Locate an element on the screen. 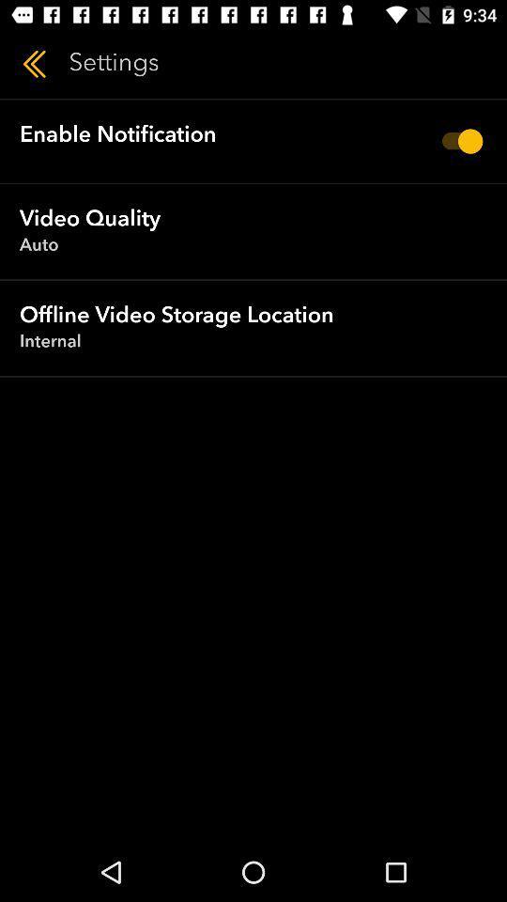 The image size is (507, 902). the icon to the left of the settings item is located at coordinates (34, 64).